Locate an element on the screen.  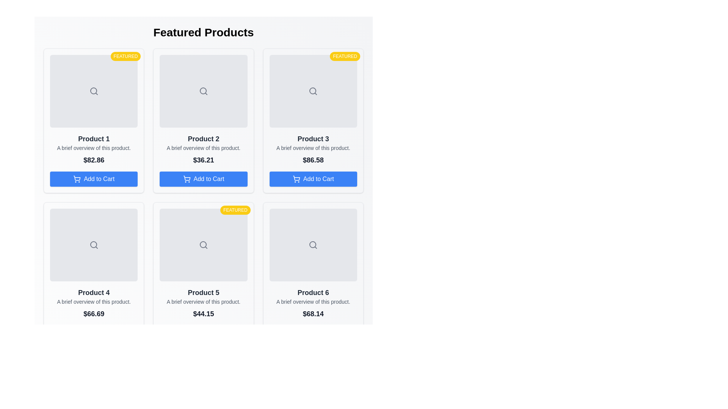
price displayed in bold characters ('$66.69') within the product card for 'Product 4', located in the second row, first column of the grid layout is located at coordinates (93, 314).